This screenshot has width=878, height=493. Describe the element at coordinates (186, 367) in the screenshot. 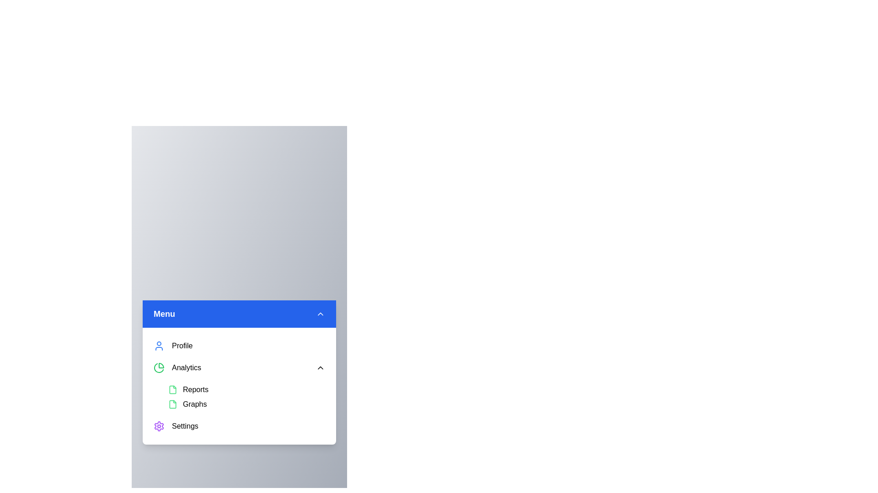

I see `the 'Analytics' text label in the dropdown menu` at that location.